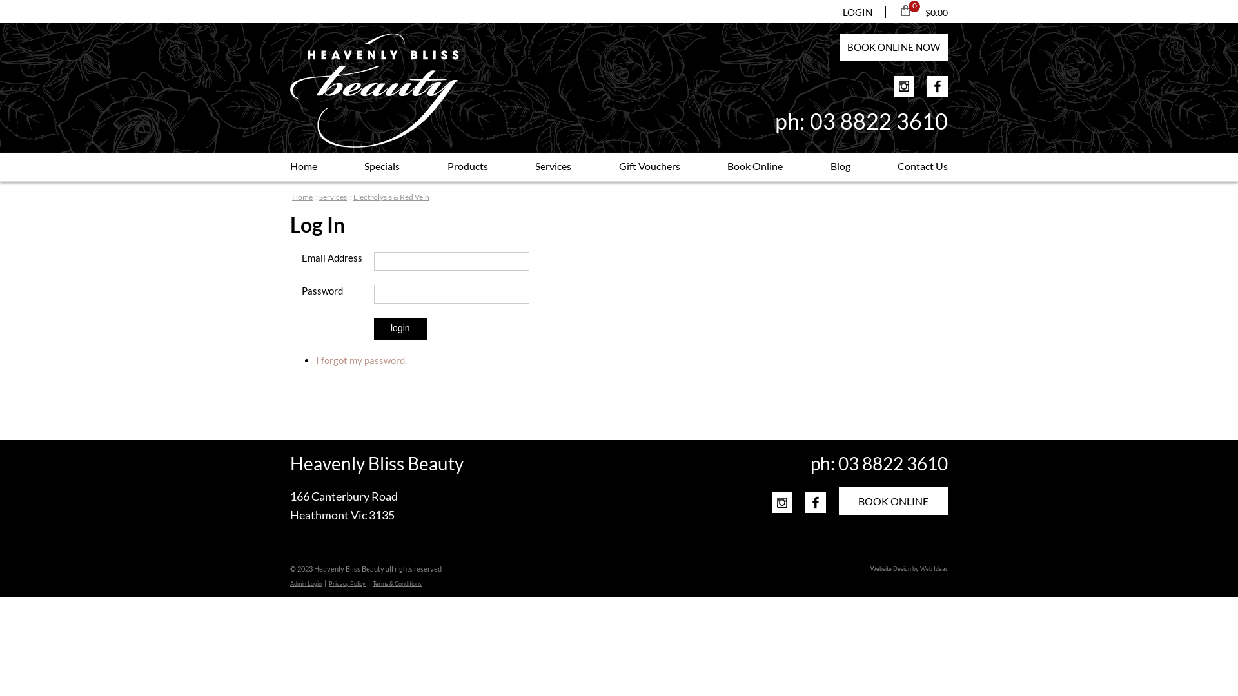  What do you see at coordinates (909, 568) in the screenshot?
I see `'Website Design by Web Ideas'` at bounding box center [909, 568].